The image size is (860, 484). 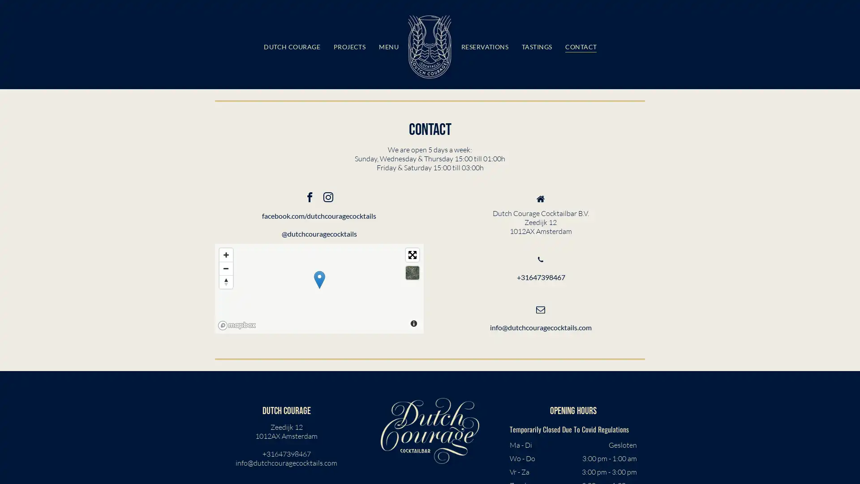 I want to click on Reset bearing to north, so click(x=226, y=281).